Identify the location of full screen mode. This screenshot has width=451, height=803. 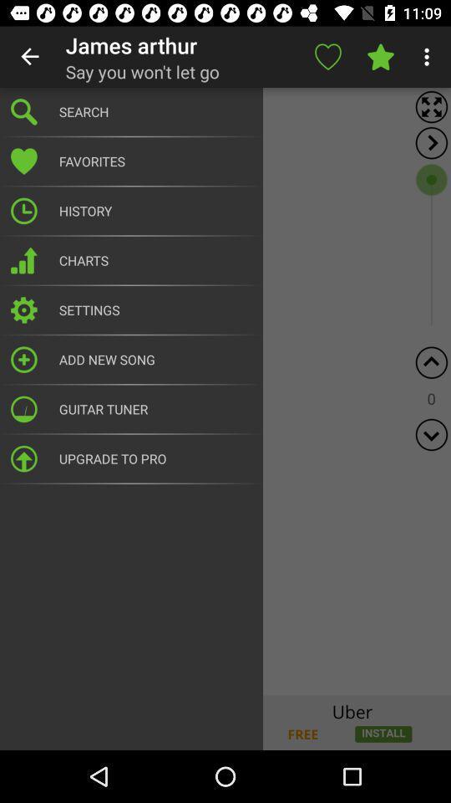
(431, 106).